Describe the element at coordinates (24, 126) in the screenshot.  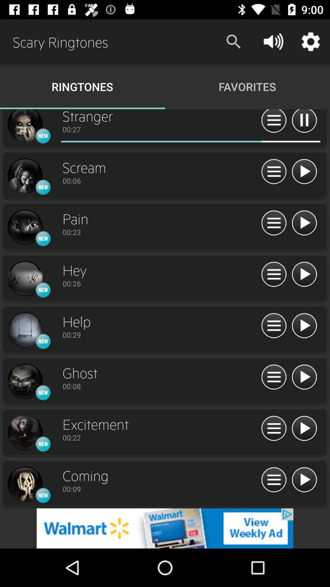
I see `the image` at that location.